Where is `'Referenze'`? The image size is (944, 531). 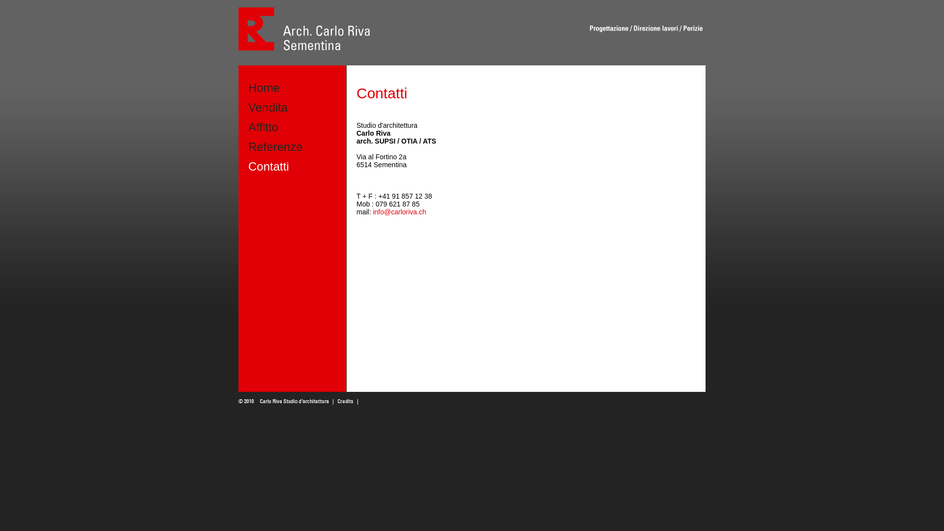
'Referenze' is located at coordinates (275, 147).